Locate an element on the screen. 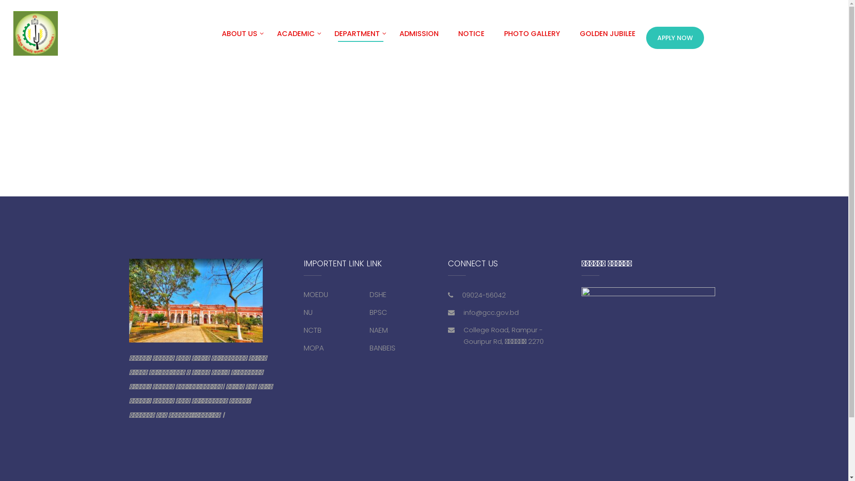 The image size is (855, 481). 'NAEM' is located at coordinates (379, 330).